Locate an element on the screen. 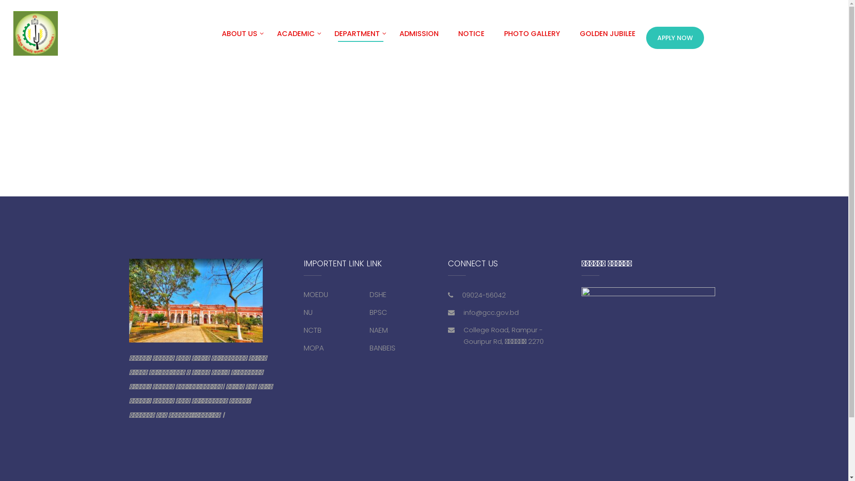 The image size is (855, 481). 'NAEM' is located at coordinates (379, 330).